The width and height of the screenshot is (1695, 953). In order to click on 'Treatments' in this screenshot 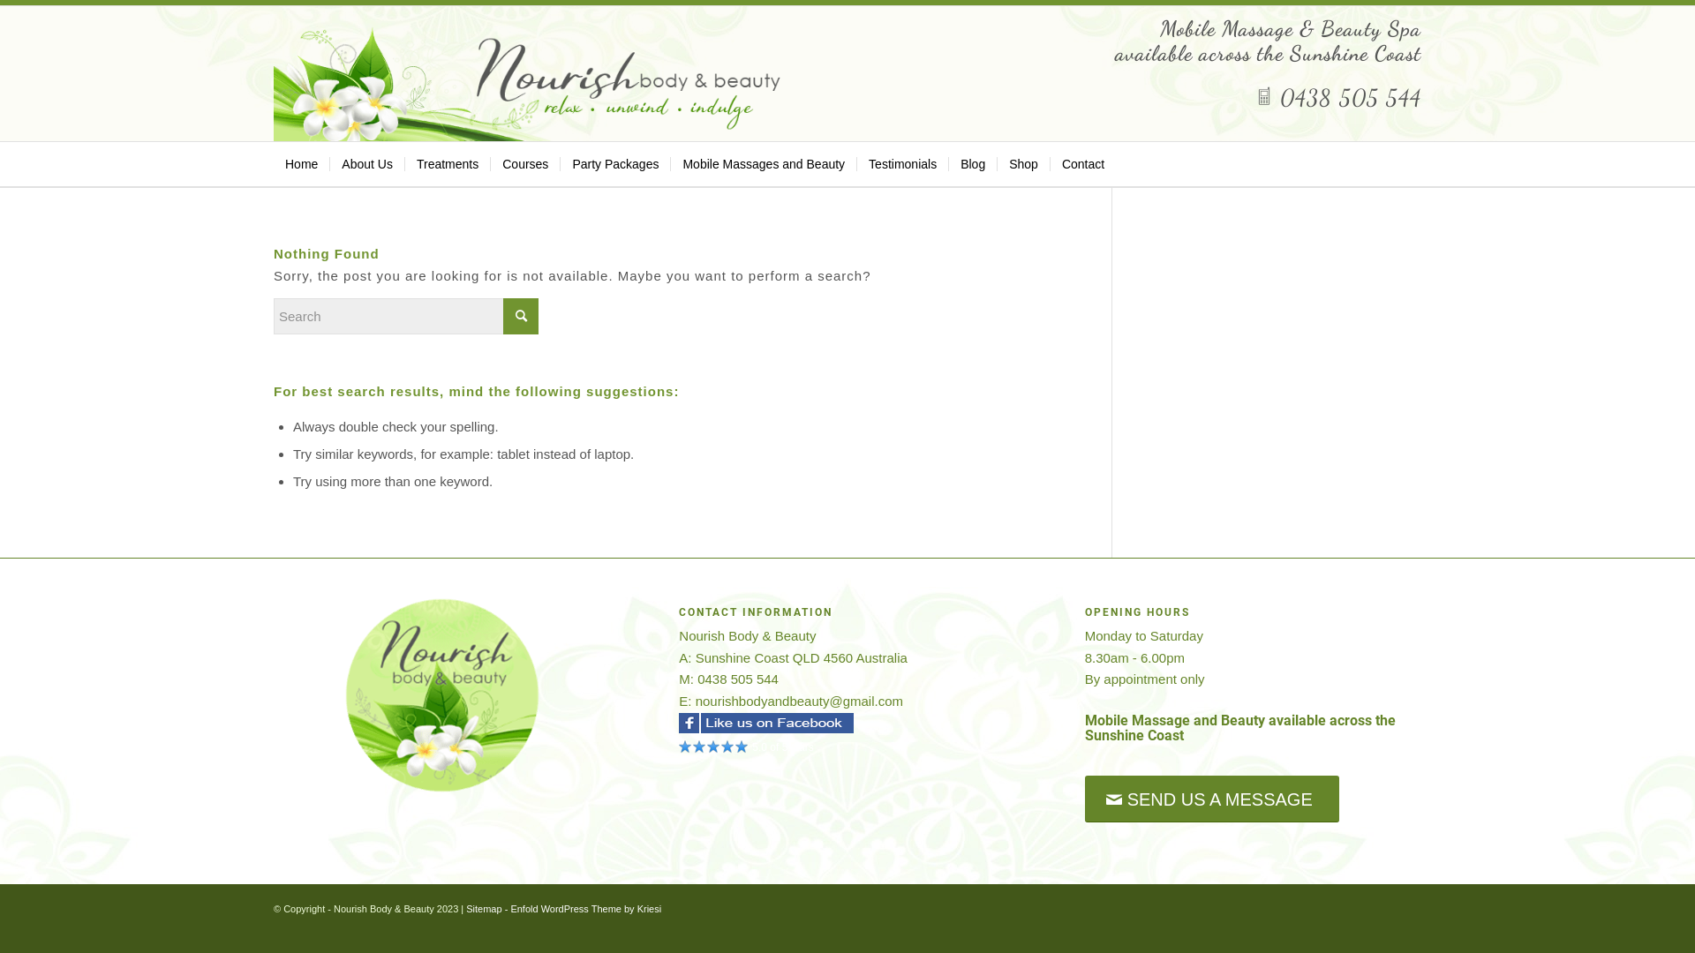, I will do `click(447, 163)`.